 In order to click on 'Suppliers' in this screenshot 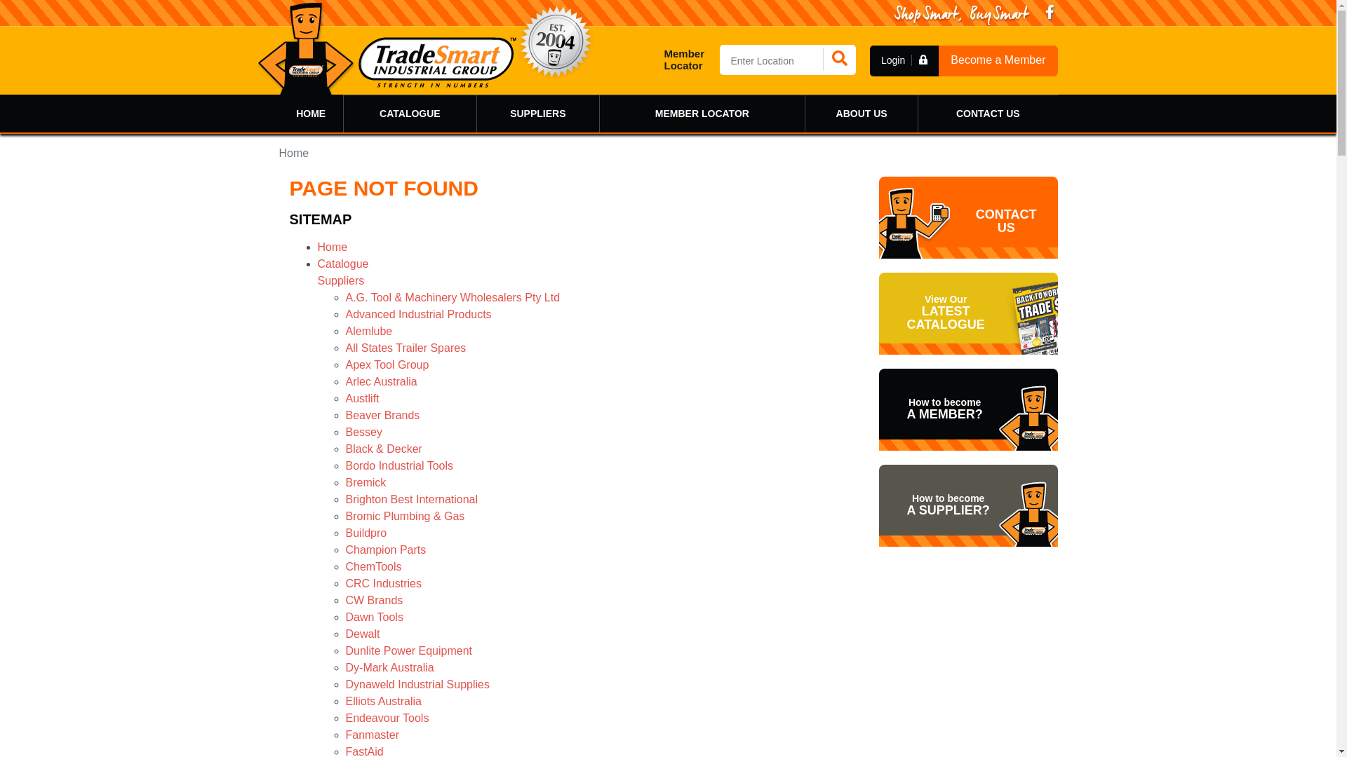, I will do `click(340, 280)`.